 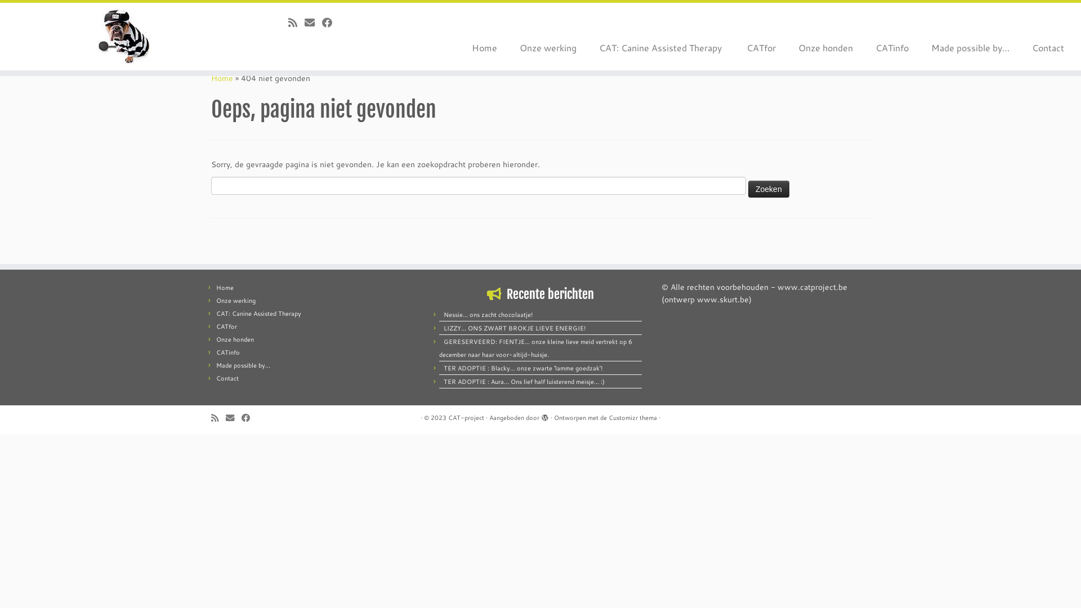 What do you see at coordinates (548, 47) in the screenshot?
I see `'Onze werking'` at bounding box center [548, 47].